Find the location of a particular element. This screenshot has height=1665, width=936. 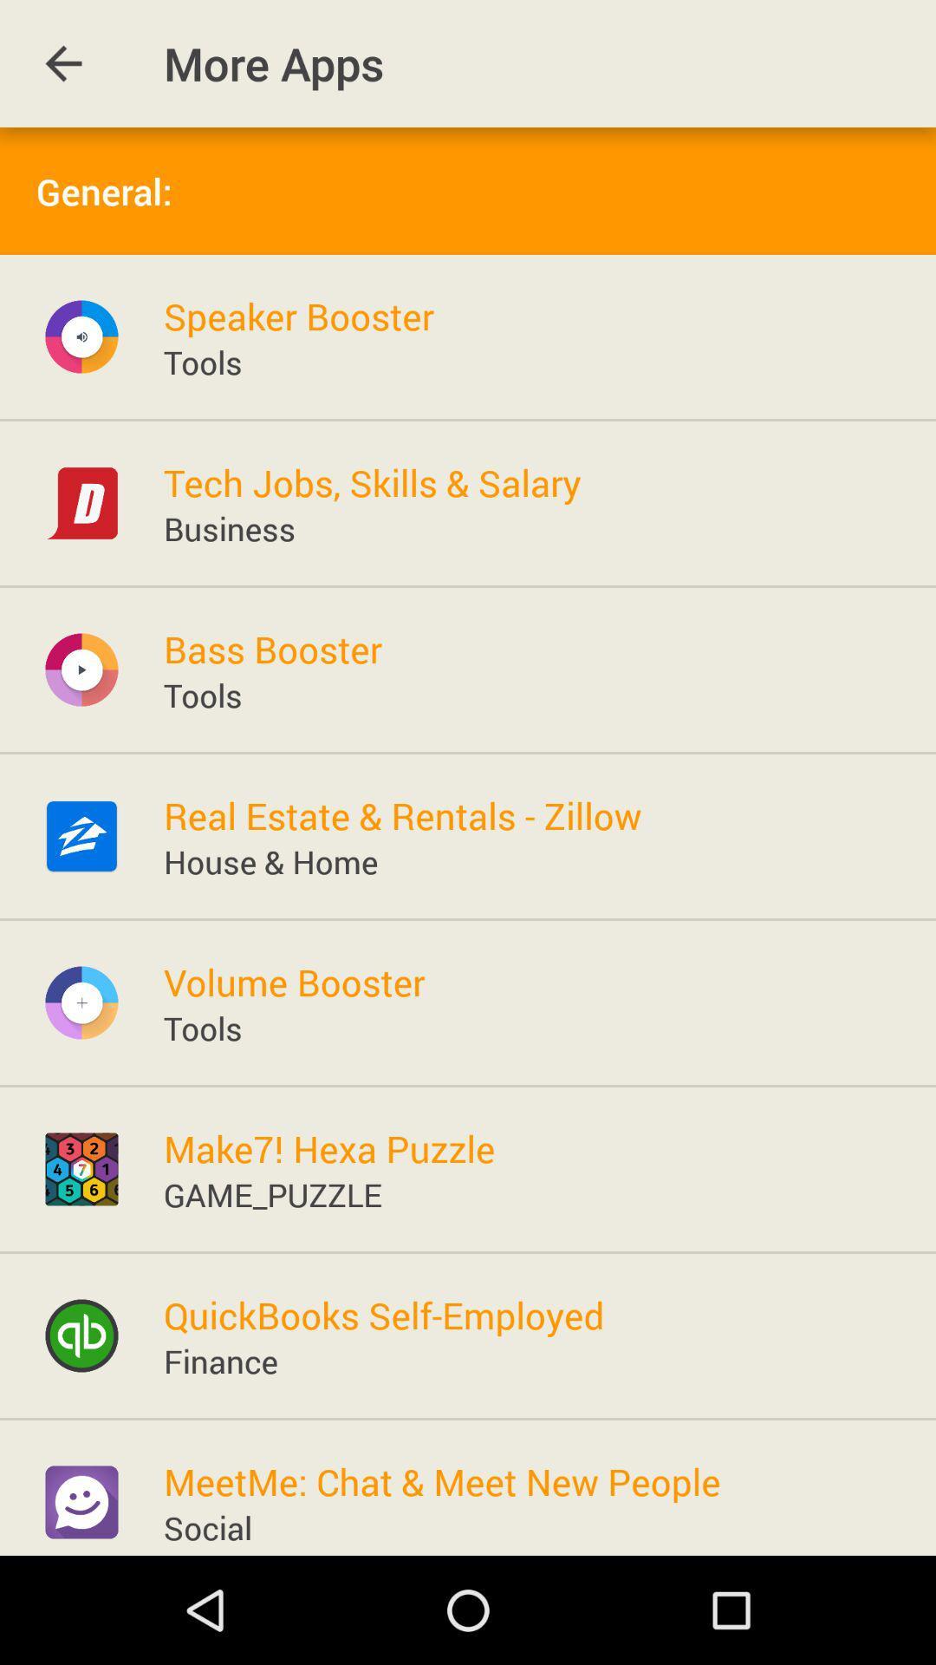

item to the left of the more apps app is located at coordinates (62, 63).